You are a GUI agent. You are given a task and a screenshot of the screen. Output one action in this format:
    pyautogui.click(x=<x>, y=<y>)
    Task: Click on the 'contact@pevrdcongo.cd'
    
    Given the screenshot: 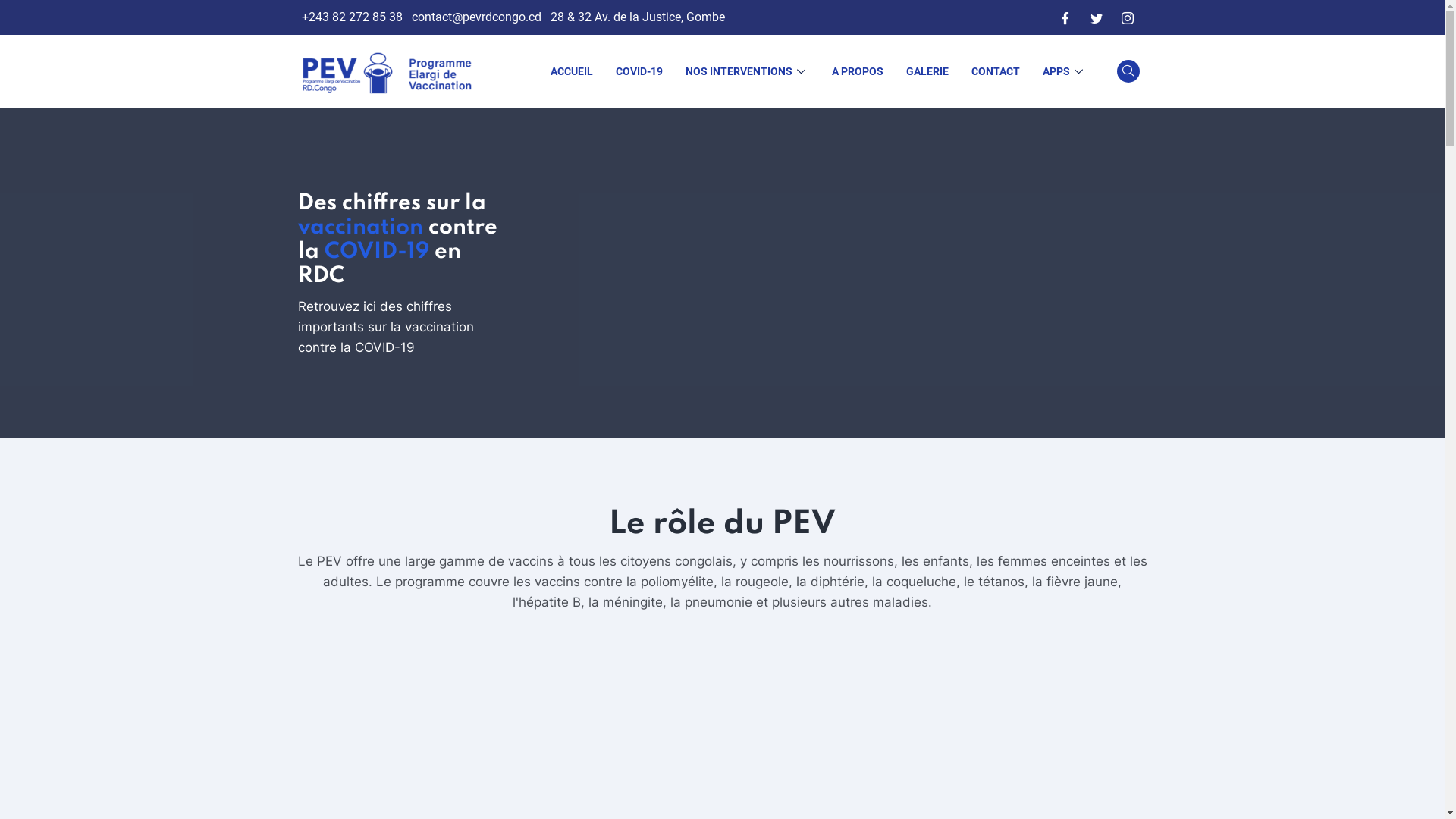 What is the action you would take?
    pyautogui.click(x=475, y=17)
    